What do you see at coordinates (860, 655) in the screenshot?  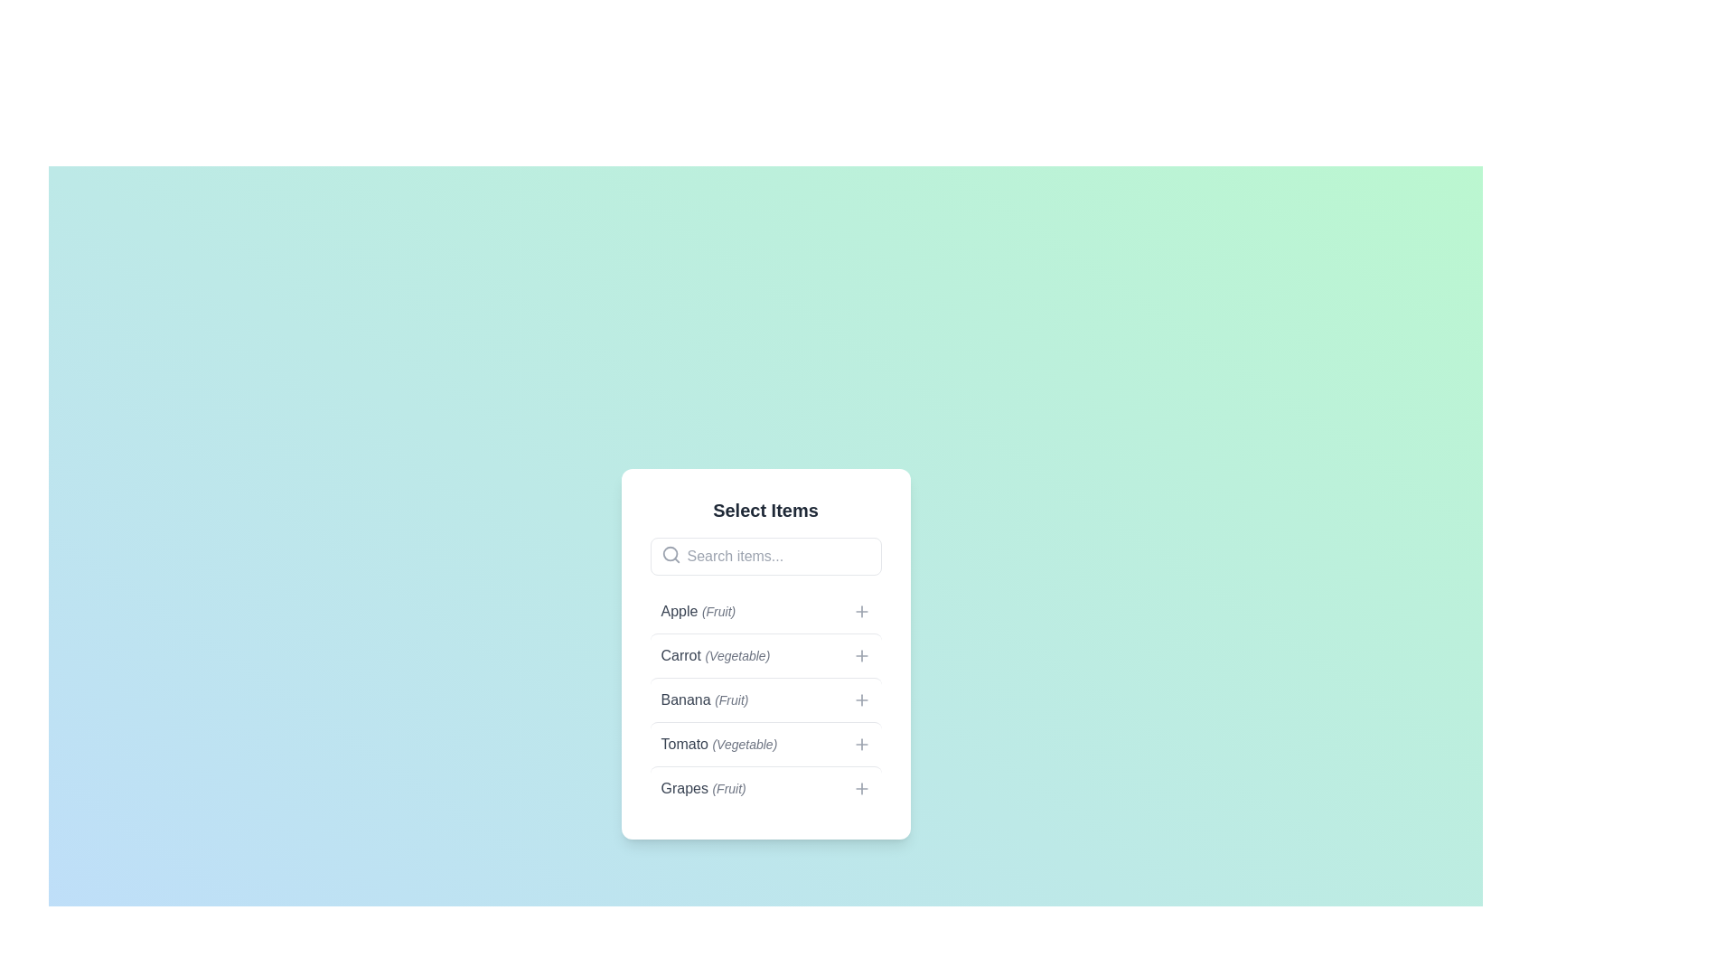 I see `the plus icon button associated with the 'Carrot (Vegetable)' list item` at bounding box center [860, 655].